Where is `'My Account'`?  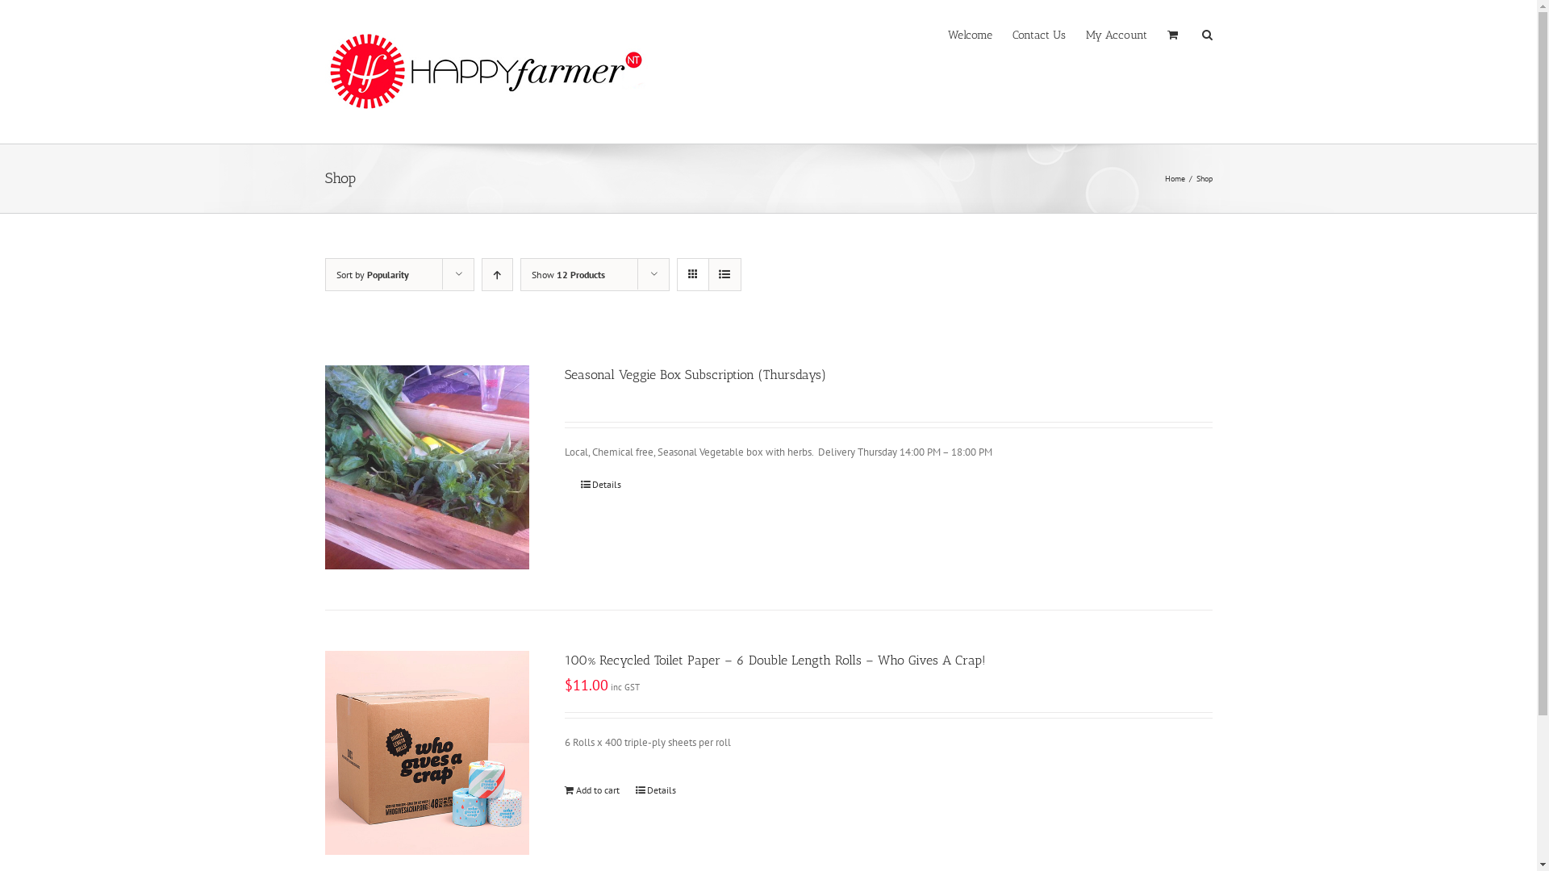
'My Account' is located at coordinates (1115, 34).